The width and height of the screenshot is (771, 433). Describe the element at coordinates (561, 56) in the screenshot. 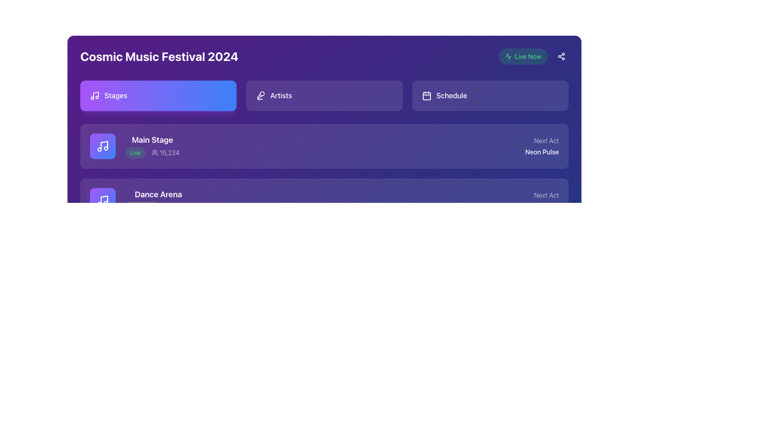

I see `the circular share button with a network-like icon located at the top-right corner of the interface, adjacent to the 'Live Now' button` at that location.